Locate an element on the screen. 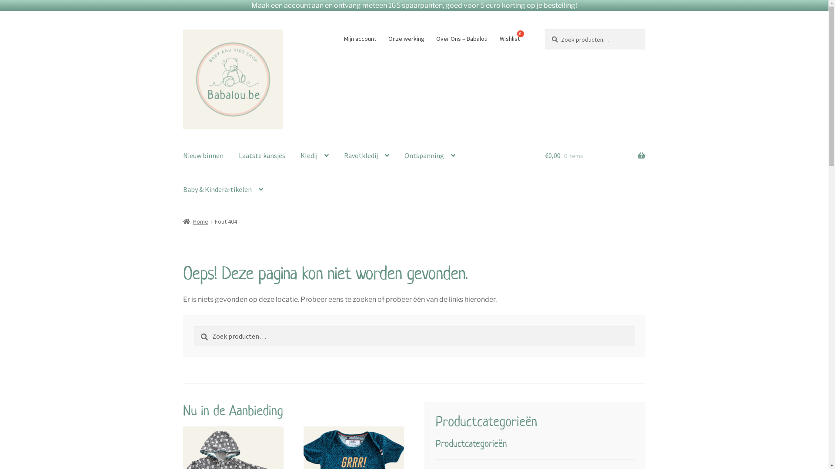 The image size is (835, 469). 'Wishlist' is located at coordinates (494, 38).